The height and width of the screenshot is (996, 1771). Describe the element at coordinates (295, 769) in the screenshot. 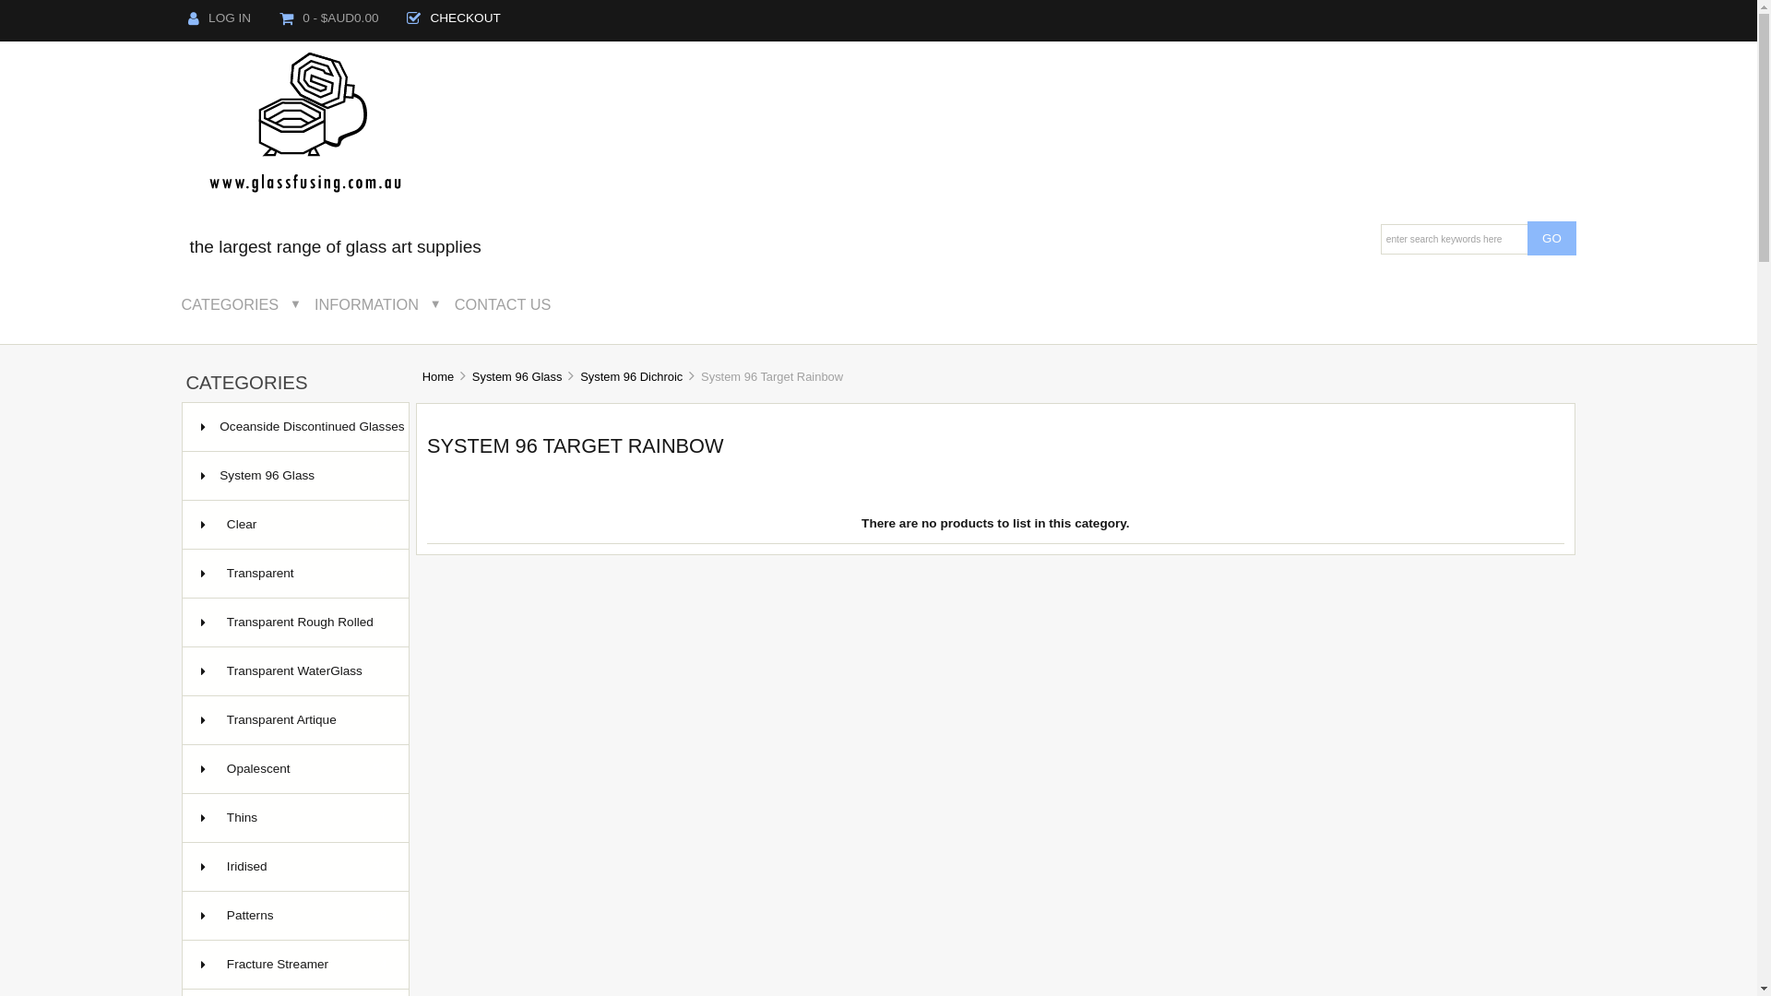

I see `'  Opalescent` at that location.